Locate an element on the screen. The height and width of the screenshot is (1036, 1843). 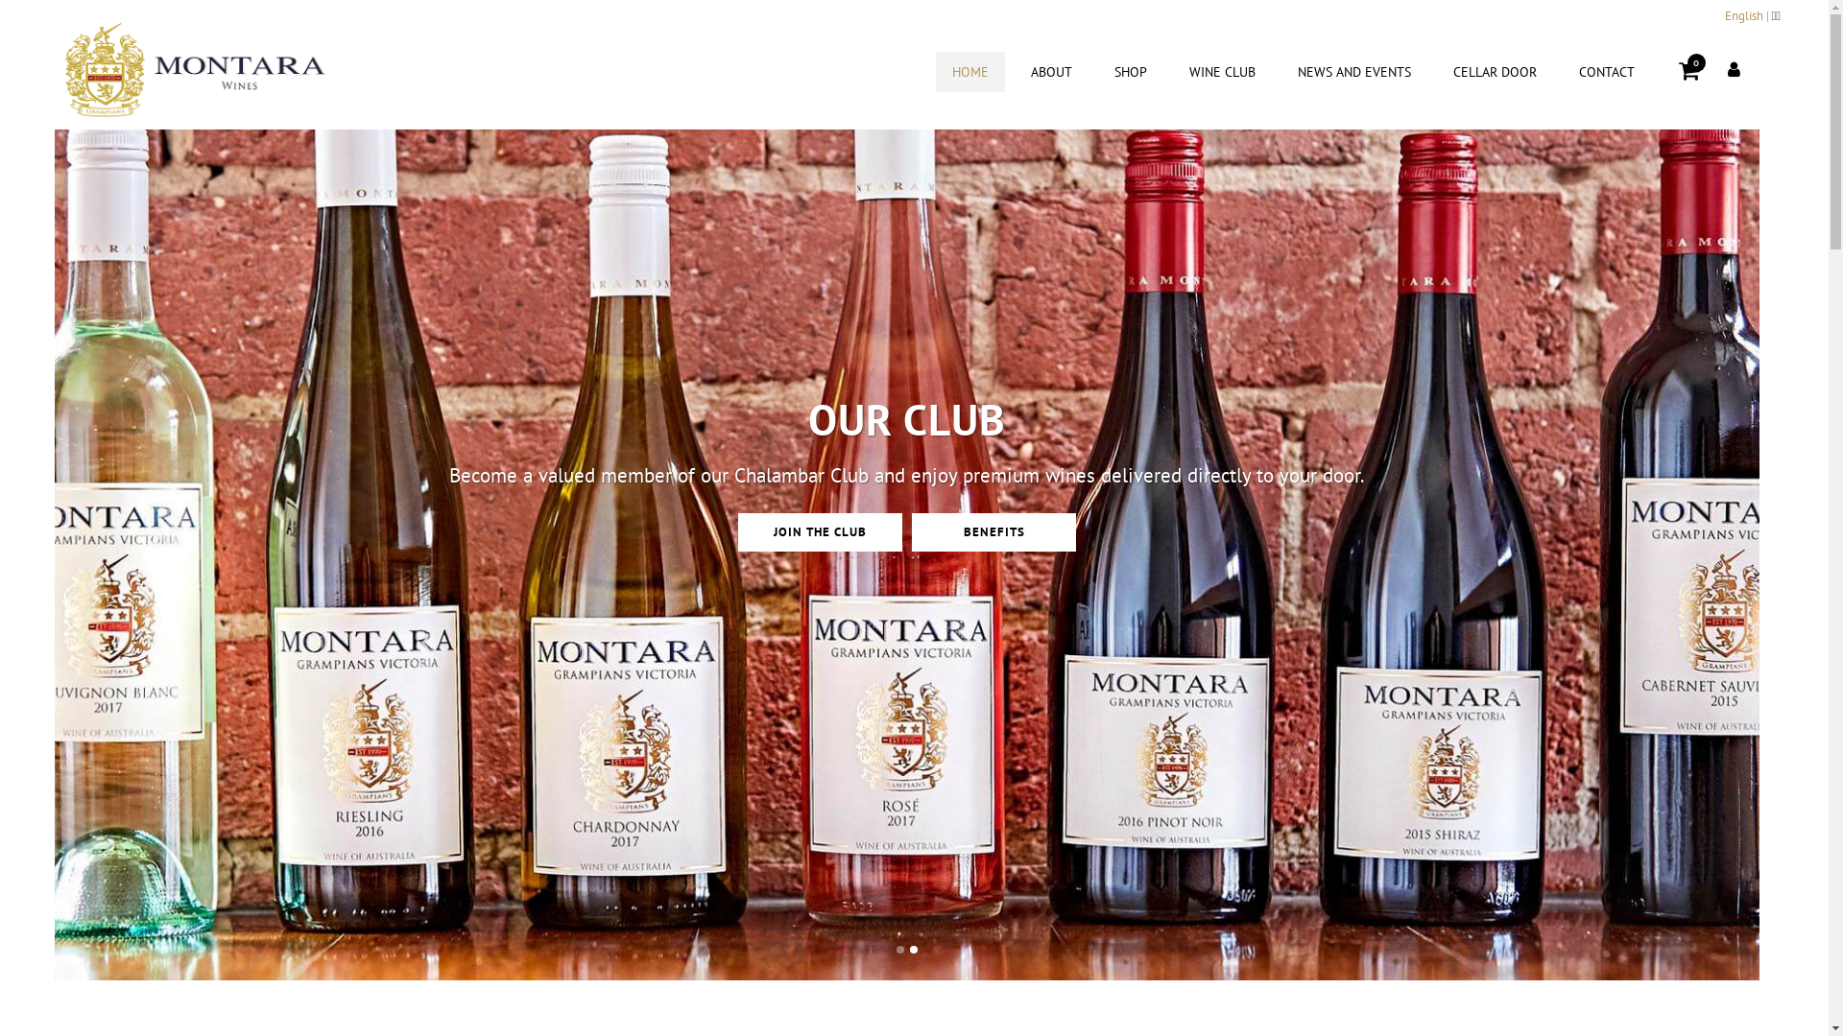
'JOIN THE CLUB' is located at coordinates (820, 569).